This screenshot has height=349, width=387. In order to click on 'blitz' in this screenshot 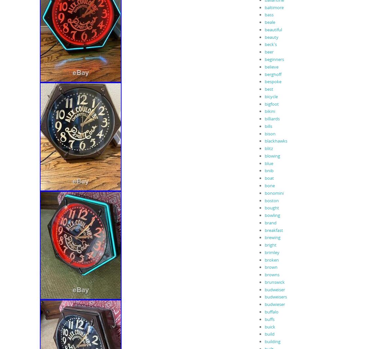, I will do `click(268, 148)`.